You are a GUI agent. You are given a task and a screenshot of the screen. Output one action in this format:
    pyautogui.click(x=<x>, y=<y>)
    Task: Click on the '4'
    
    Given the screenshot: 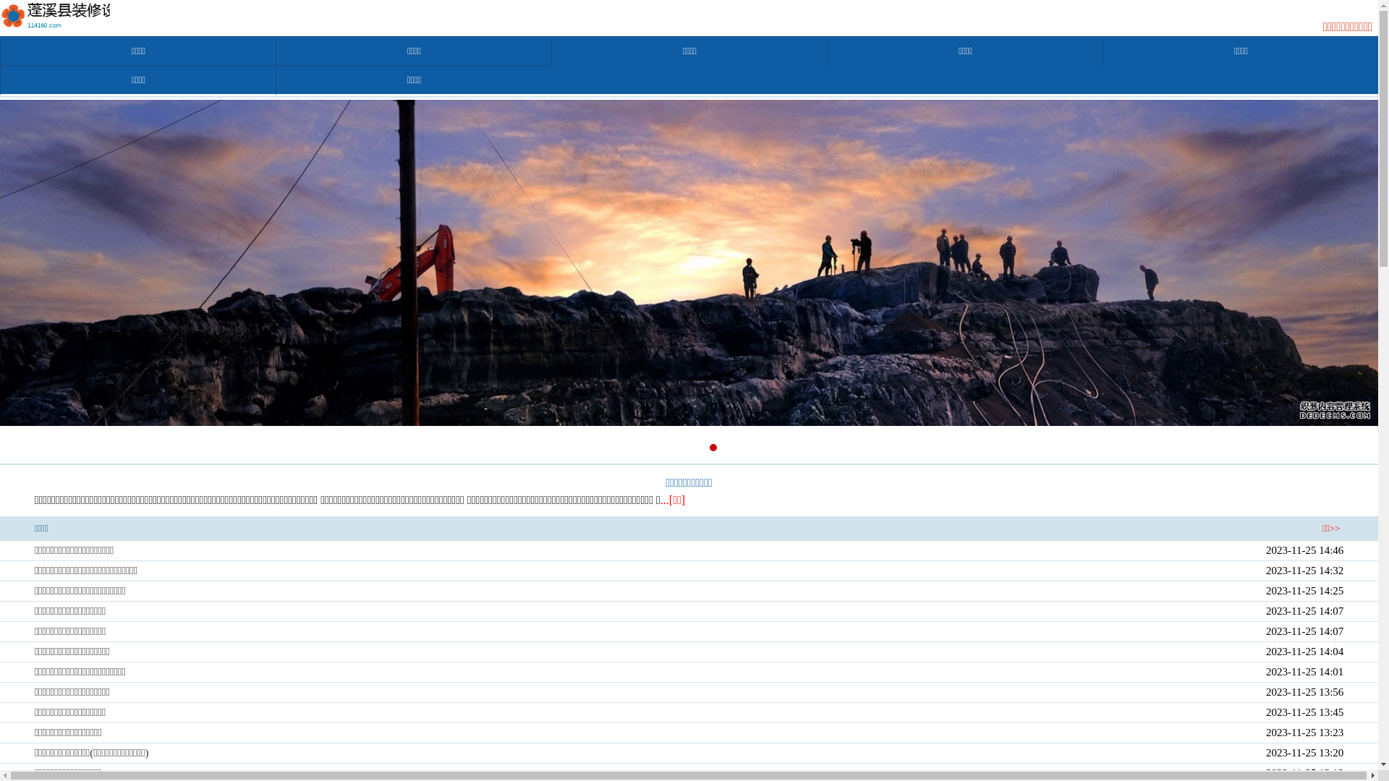 What is the action you would take?
    pyautogui.click(x=712, y=446)
    